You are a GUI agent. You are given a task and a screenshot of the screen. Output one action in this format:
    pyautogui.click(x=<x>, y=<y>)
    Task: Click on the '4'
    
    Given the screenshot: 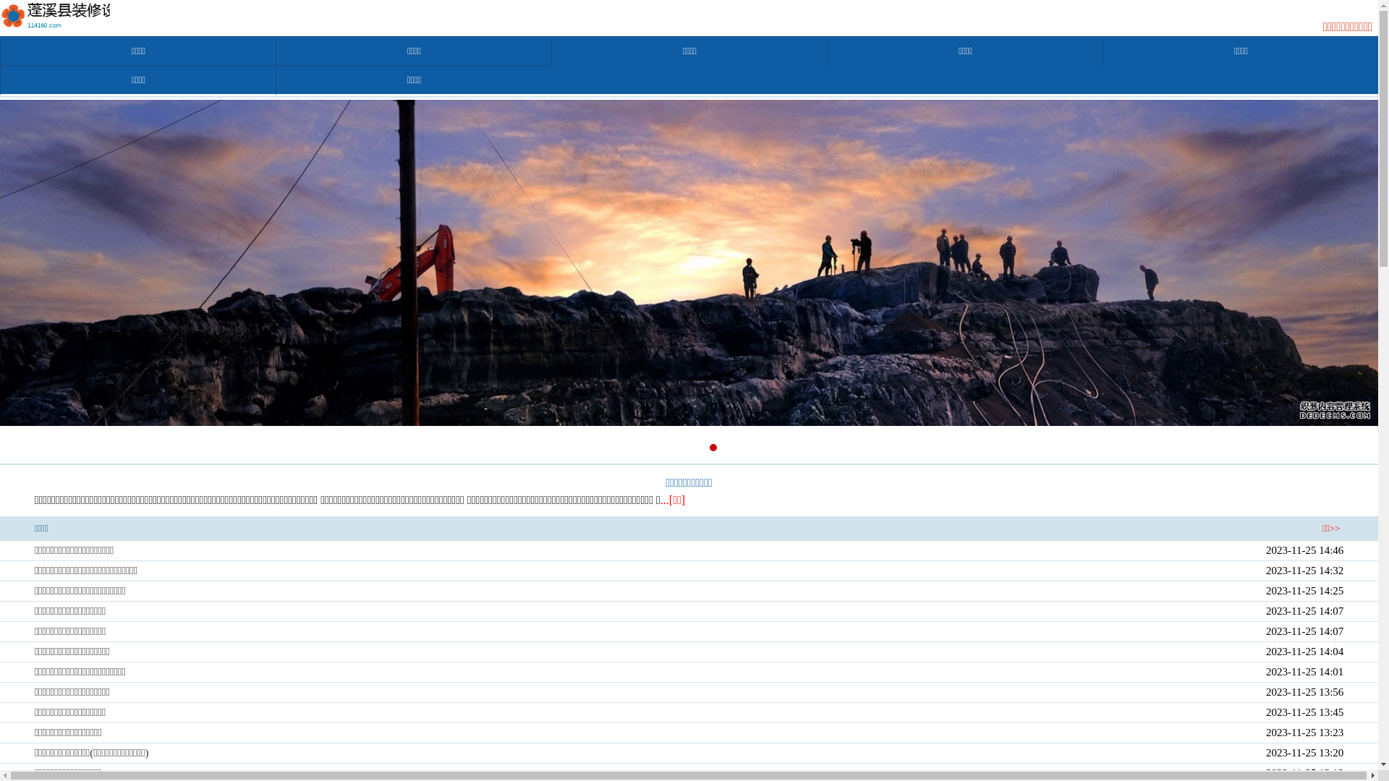 What is the action you would take?
    pyautogui.click(x=712, y=446)
    